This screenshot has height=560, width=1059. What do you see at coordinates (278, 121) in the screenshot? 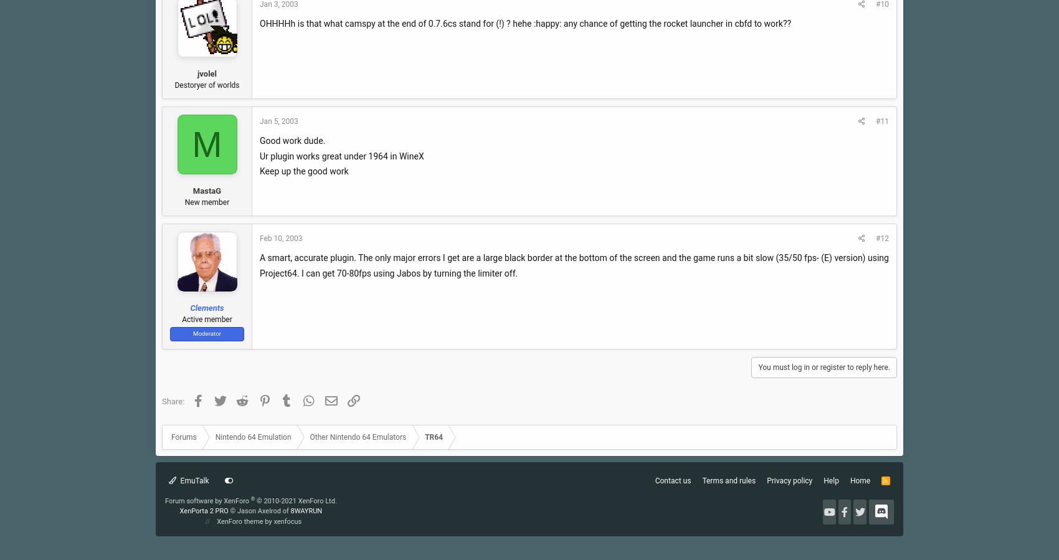
I see `'Jan 5, 2003'` at bounding box center [278, 121].